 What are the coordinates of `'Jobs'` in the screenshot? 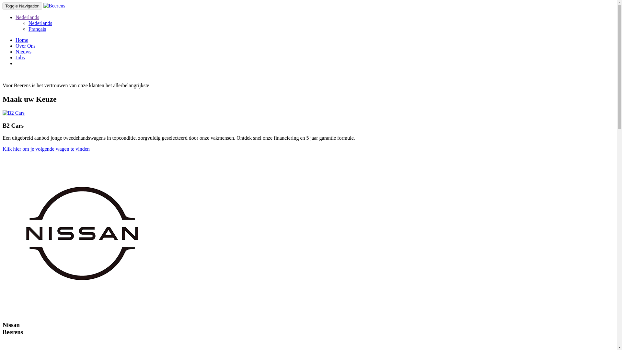 It's located at (20, 57).